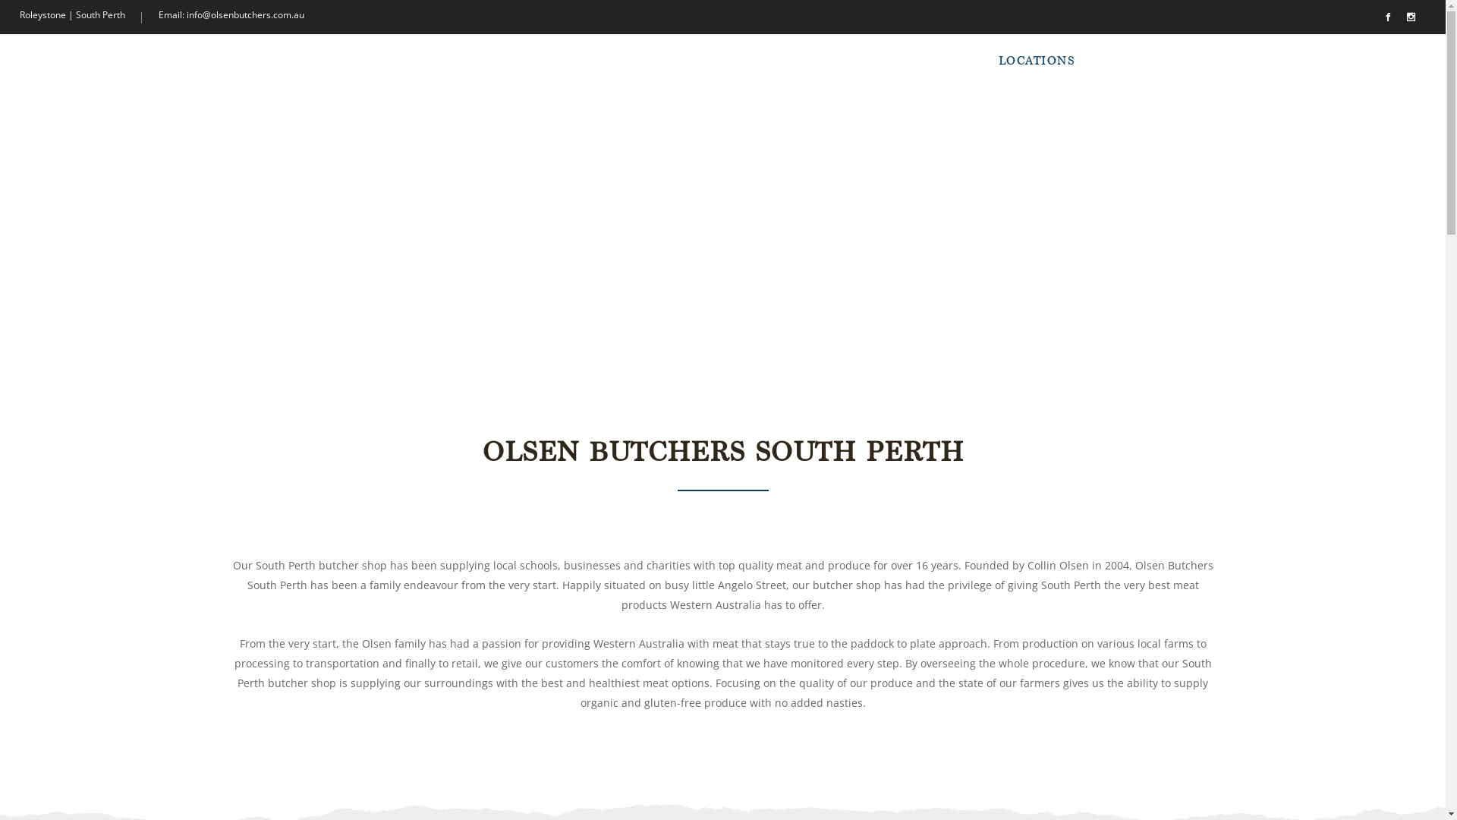 The image size is (1457, 820). What do you see at coordinates (879, 59) in the screenshot?
I see `'HOME'` at bounding box center [879, 59].